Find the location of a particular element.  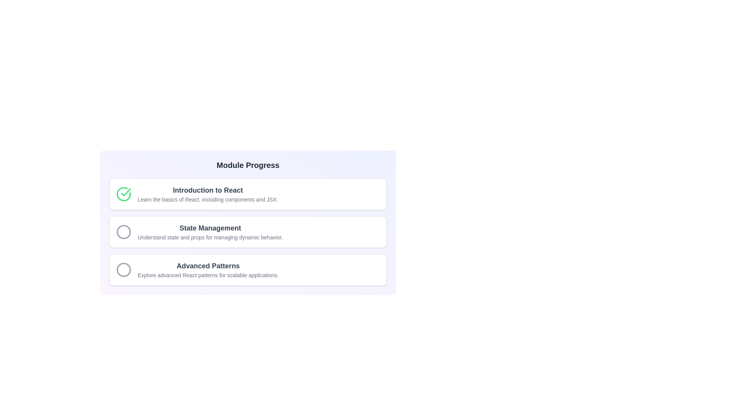

the circular vector graphic with a gray border located in the 'Advanced Patterns' module, positioned on the left side adjacent to the text description is located at coordinates (124, 269).